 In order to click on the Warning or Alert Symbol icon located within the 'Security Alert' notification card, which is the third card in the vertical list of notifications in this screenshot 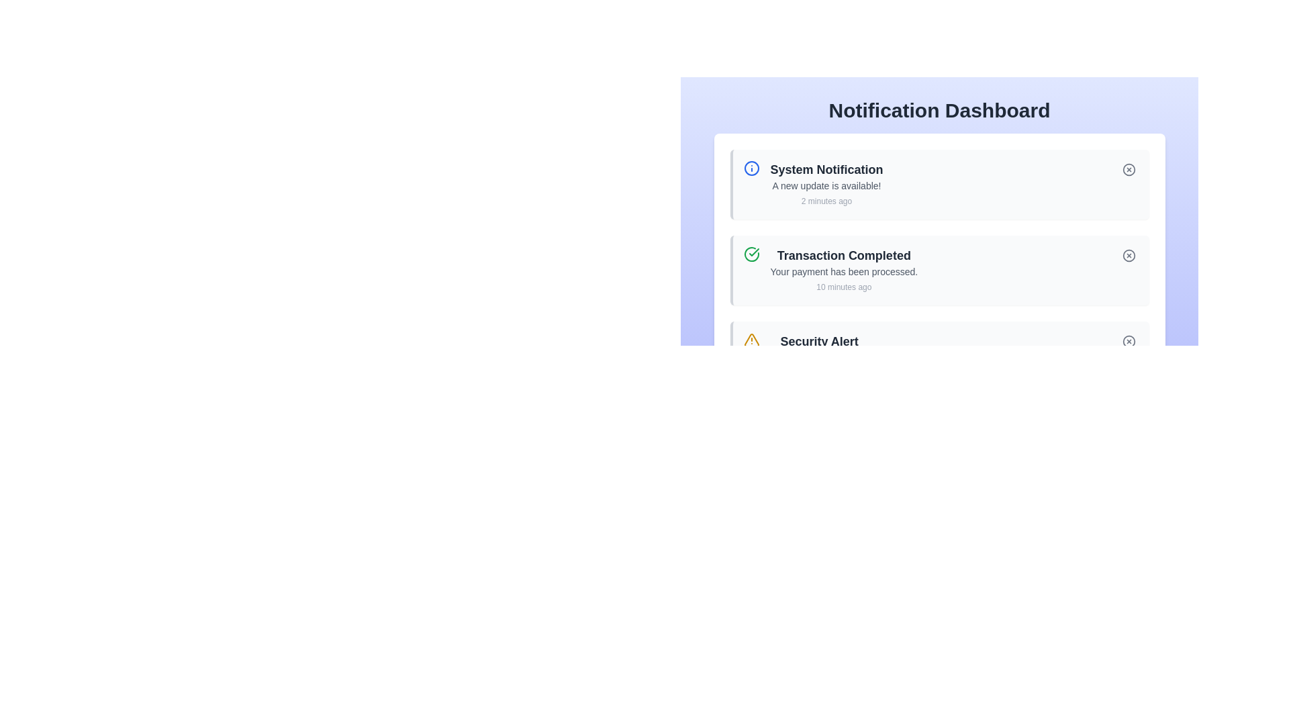, I will do `click(751, 339)`.